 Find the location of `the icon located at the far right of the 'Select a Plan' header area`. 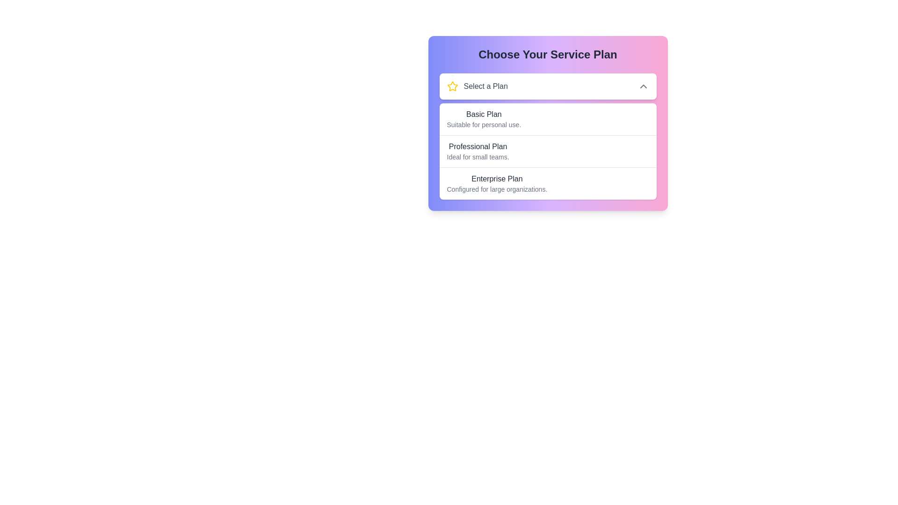

the icon located at the far right of the 'Select a Plan' header area is located at coordinates (643, 87).